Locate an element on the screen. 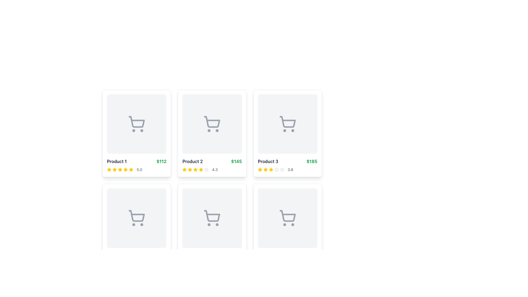 The width and height of the screenshot is (528, 297). the second star icon in the rating group for 'Product 2' is located at coordinates (190, 169).